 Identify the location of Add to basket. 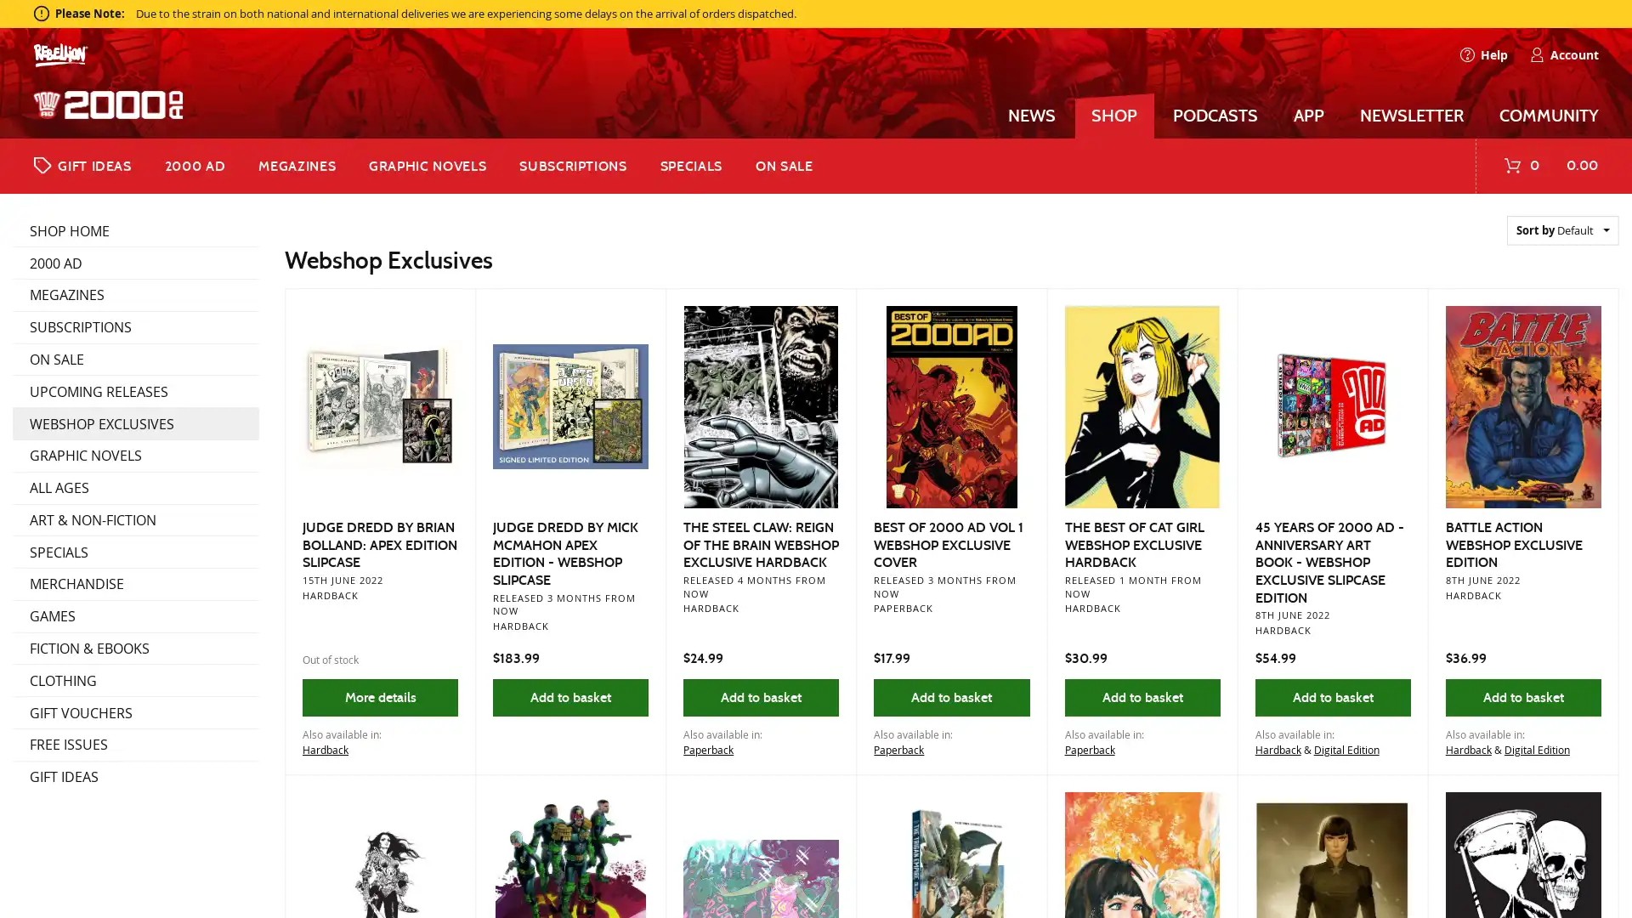
(1522, 697).